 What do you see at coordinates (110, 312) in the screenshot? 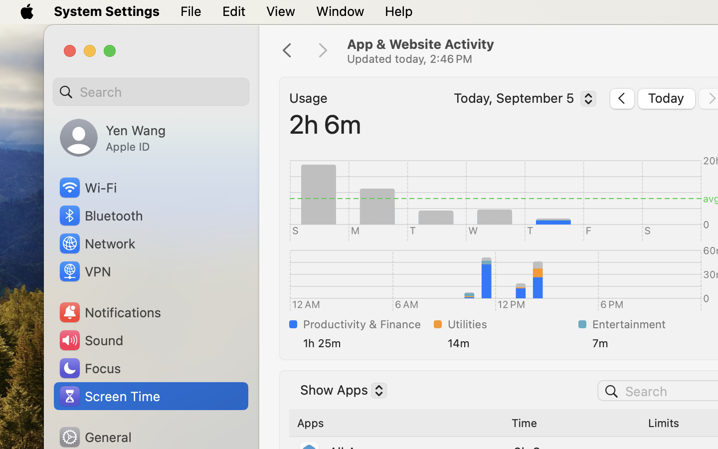
I see `'Notifications'` at bounding box center [110, 312].